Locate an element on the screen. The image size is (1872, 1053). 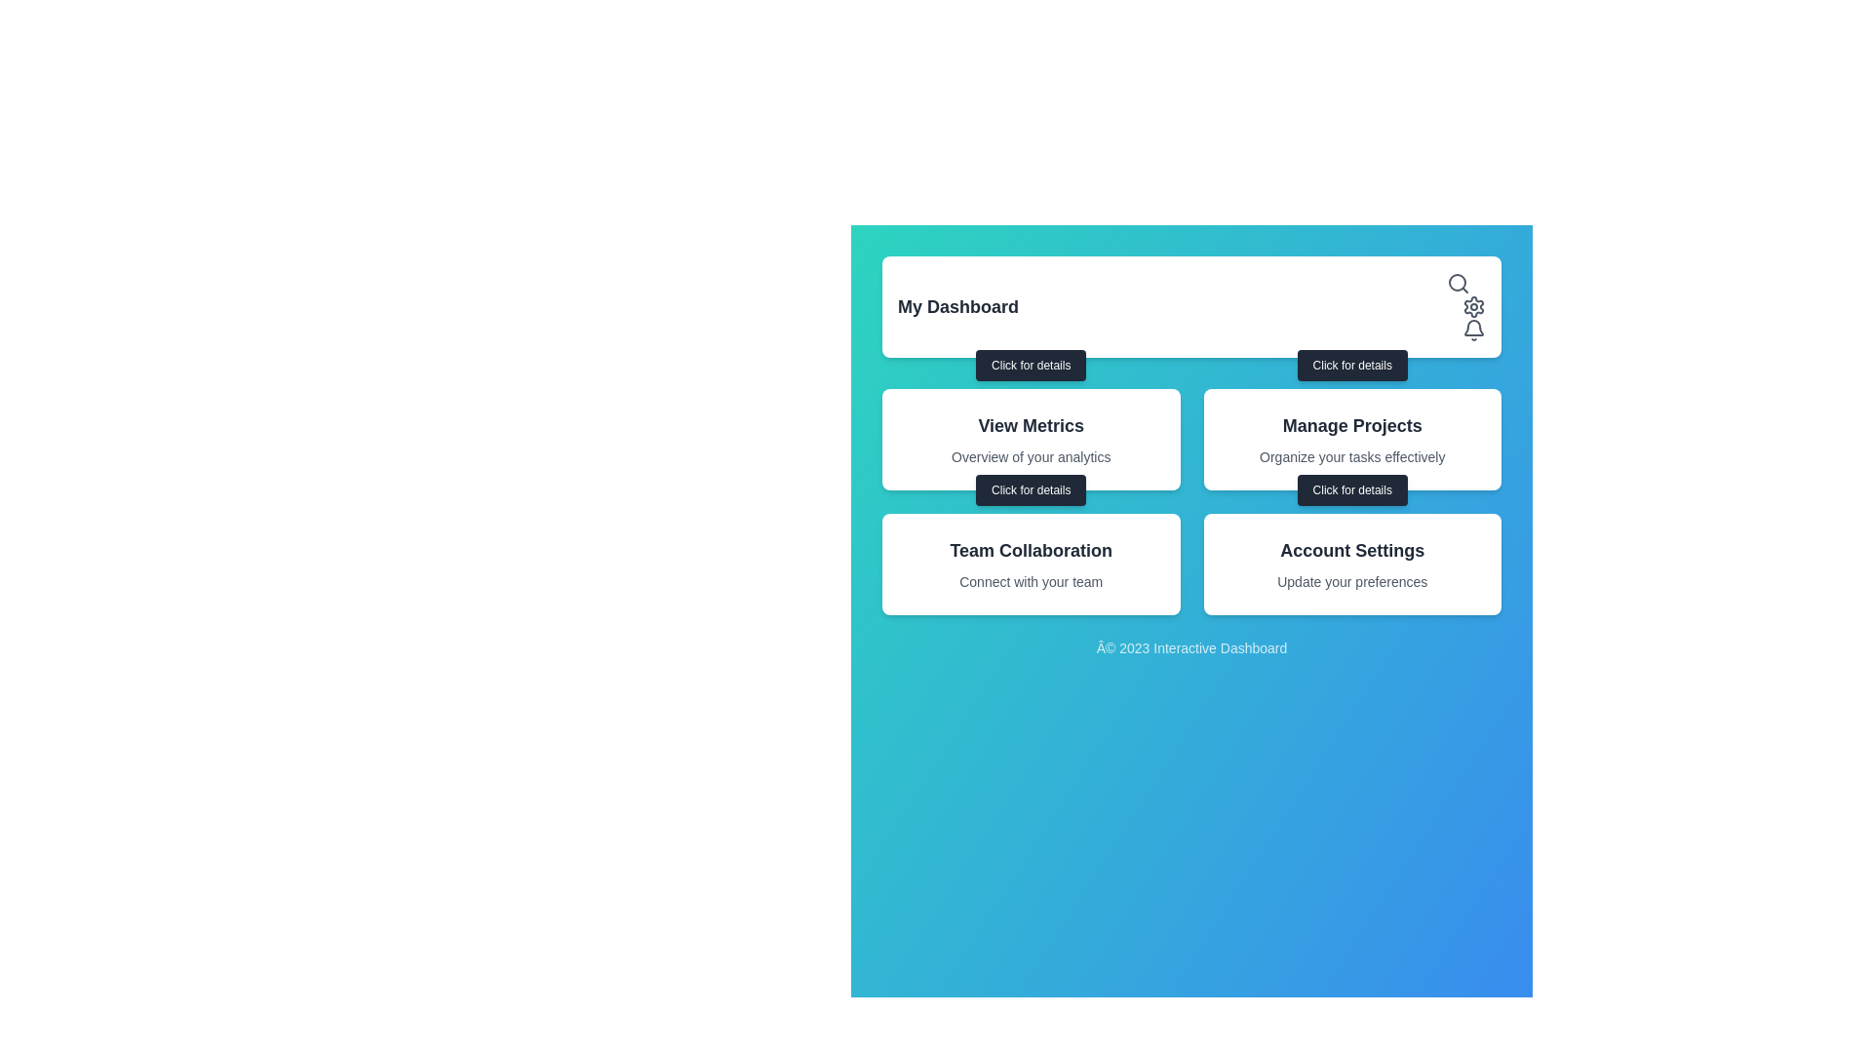
the 'Account Settings' text label, which is styled in bold dark gray and serves as the title for the preferences update group is located at coordinates (1351, 550).